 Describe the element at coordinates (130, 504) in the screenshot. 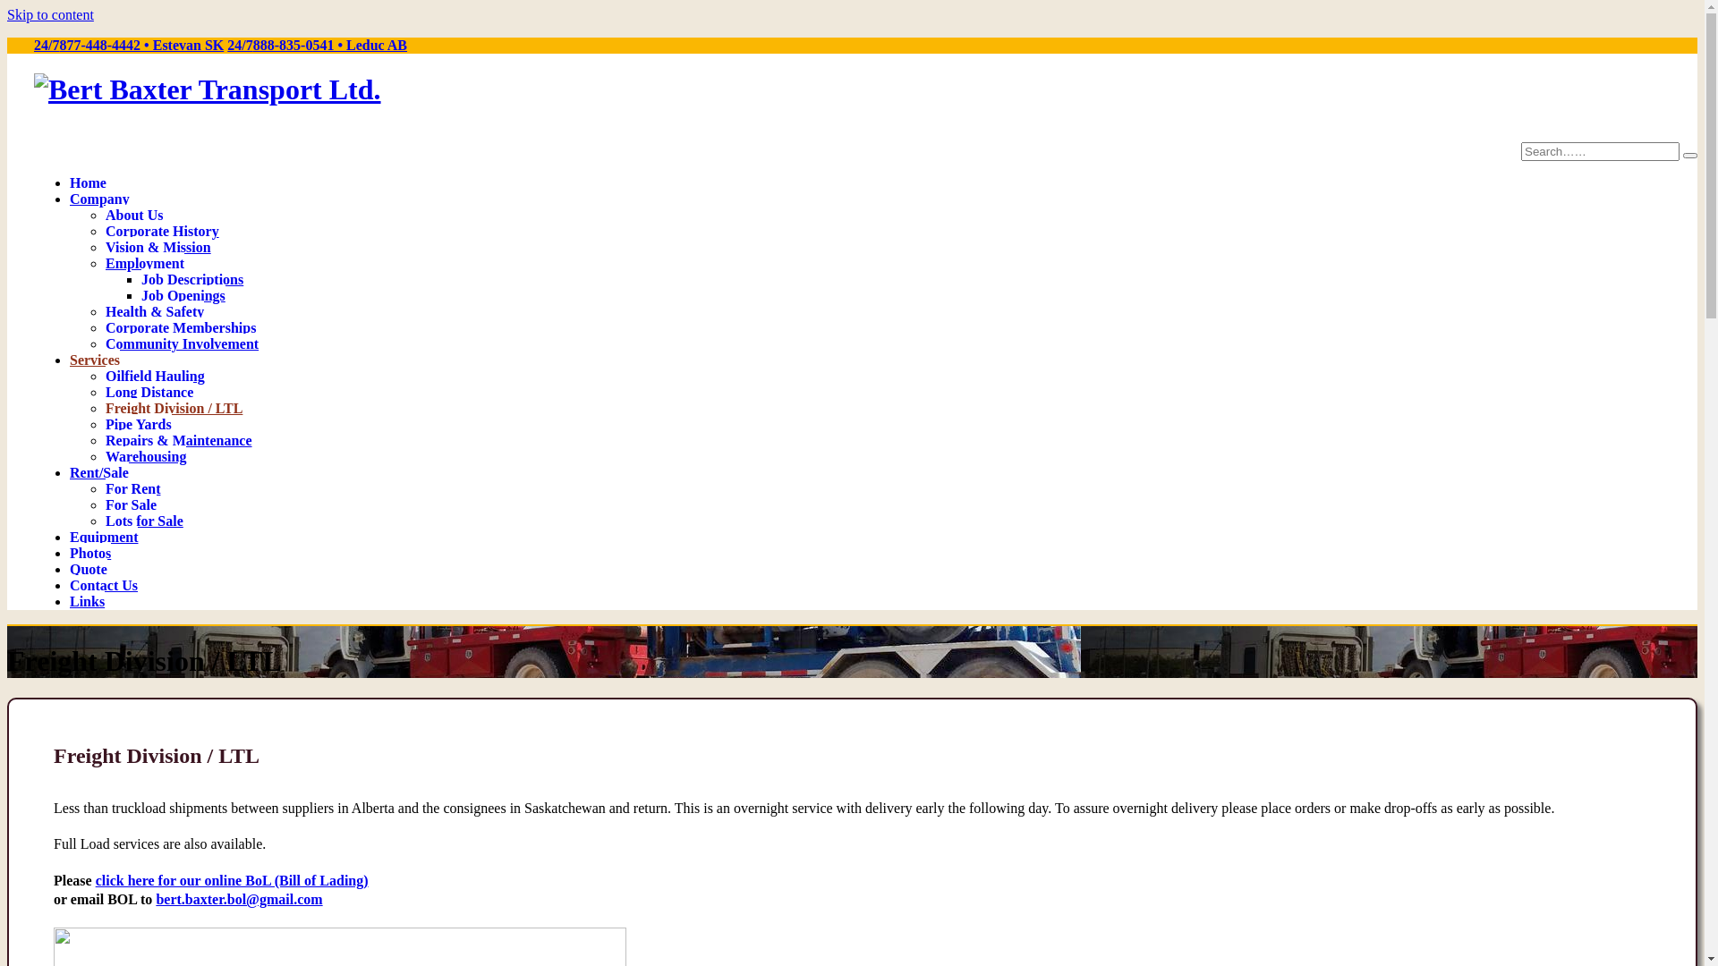

I see `'For Sale'` at that location.